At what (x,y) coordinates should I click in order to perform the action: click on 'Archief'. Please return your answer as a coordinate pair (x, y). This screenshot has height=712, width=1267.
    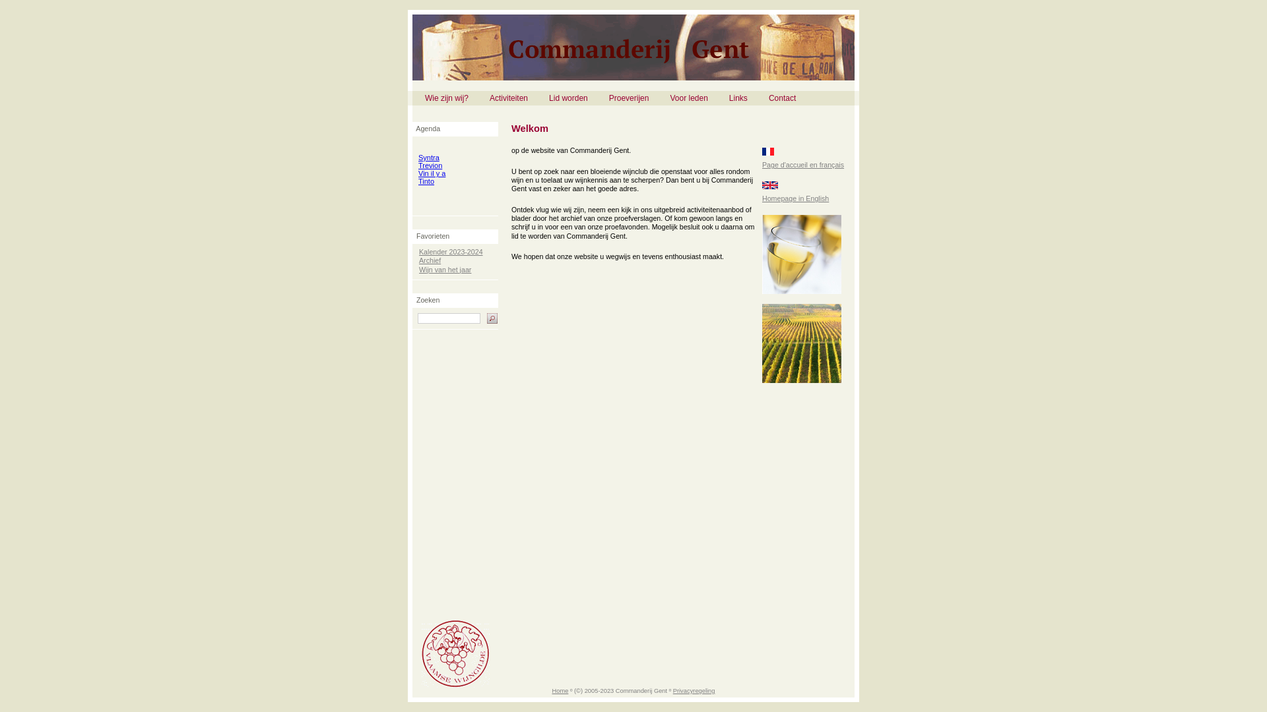
    Looking at the image, I should click on (418, 260).